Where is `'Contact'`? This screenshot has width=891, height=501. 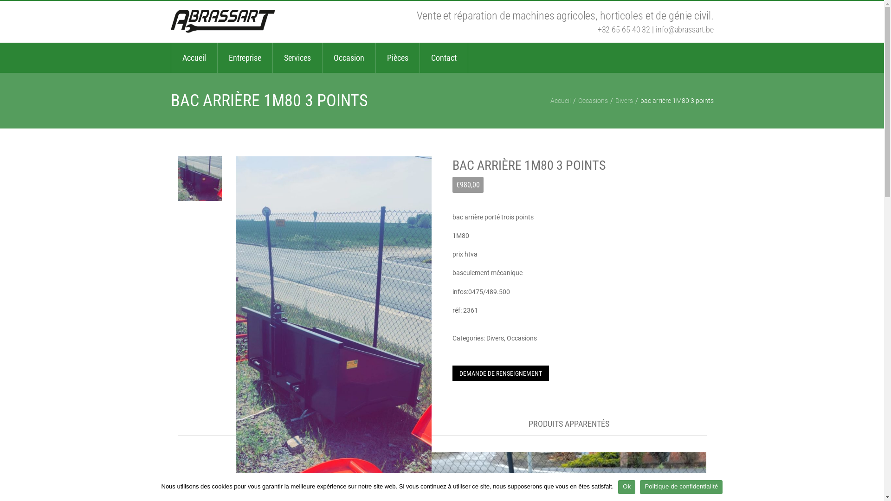
'Contact' is located at coordinates (443, 58).